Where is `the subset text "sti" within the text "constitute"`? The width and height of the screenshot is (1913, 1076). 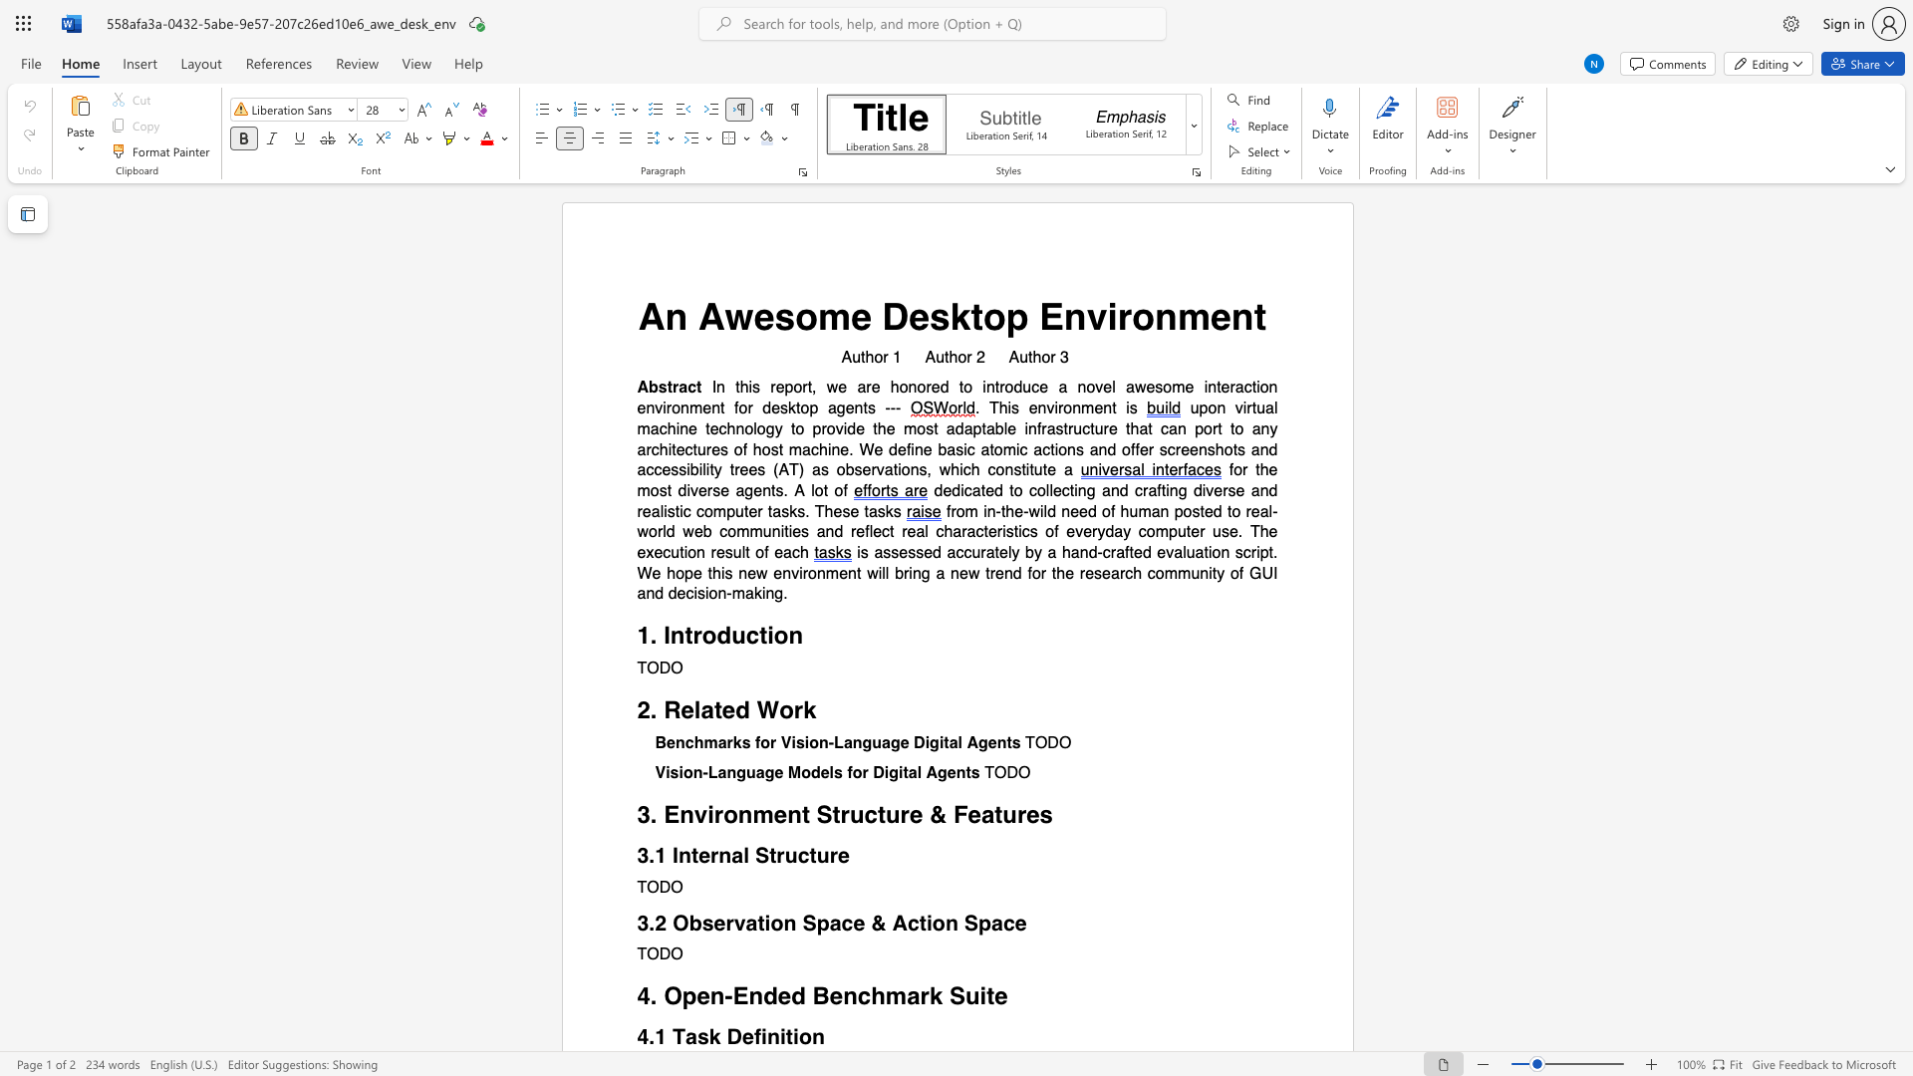 the subset text "sti" within the text "constitute" is located at coordinates (1013, 470).